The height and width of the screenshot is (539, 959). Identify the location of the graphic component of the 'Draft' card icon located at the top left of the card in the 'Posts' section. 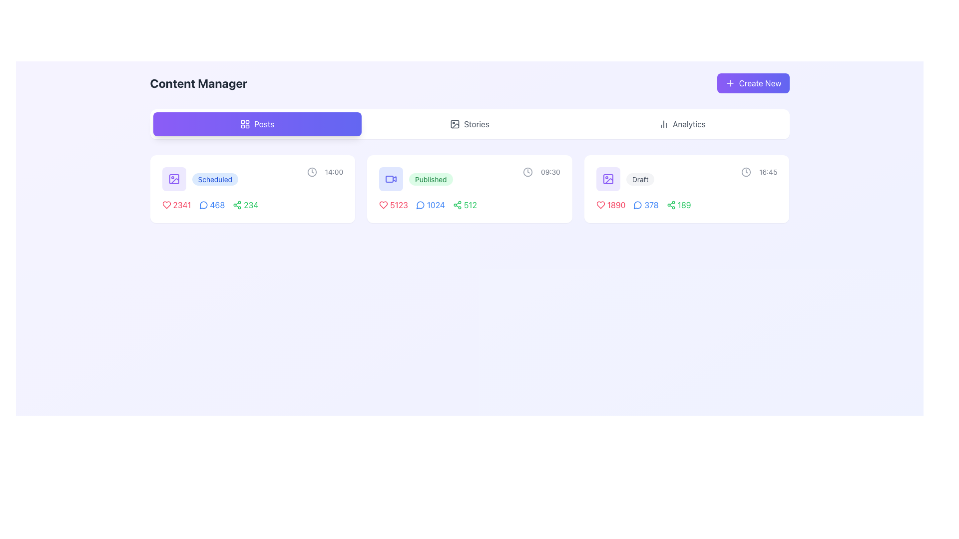
(607, 178).